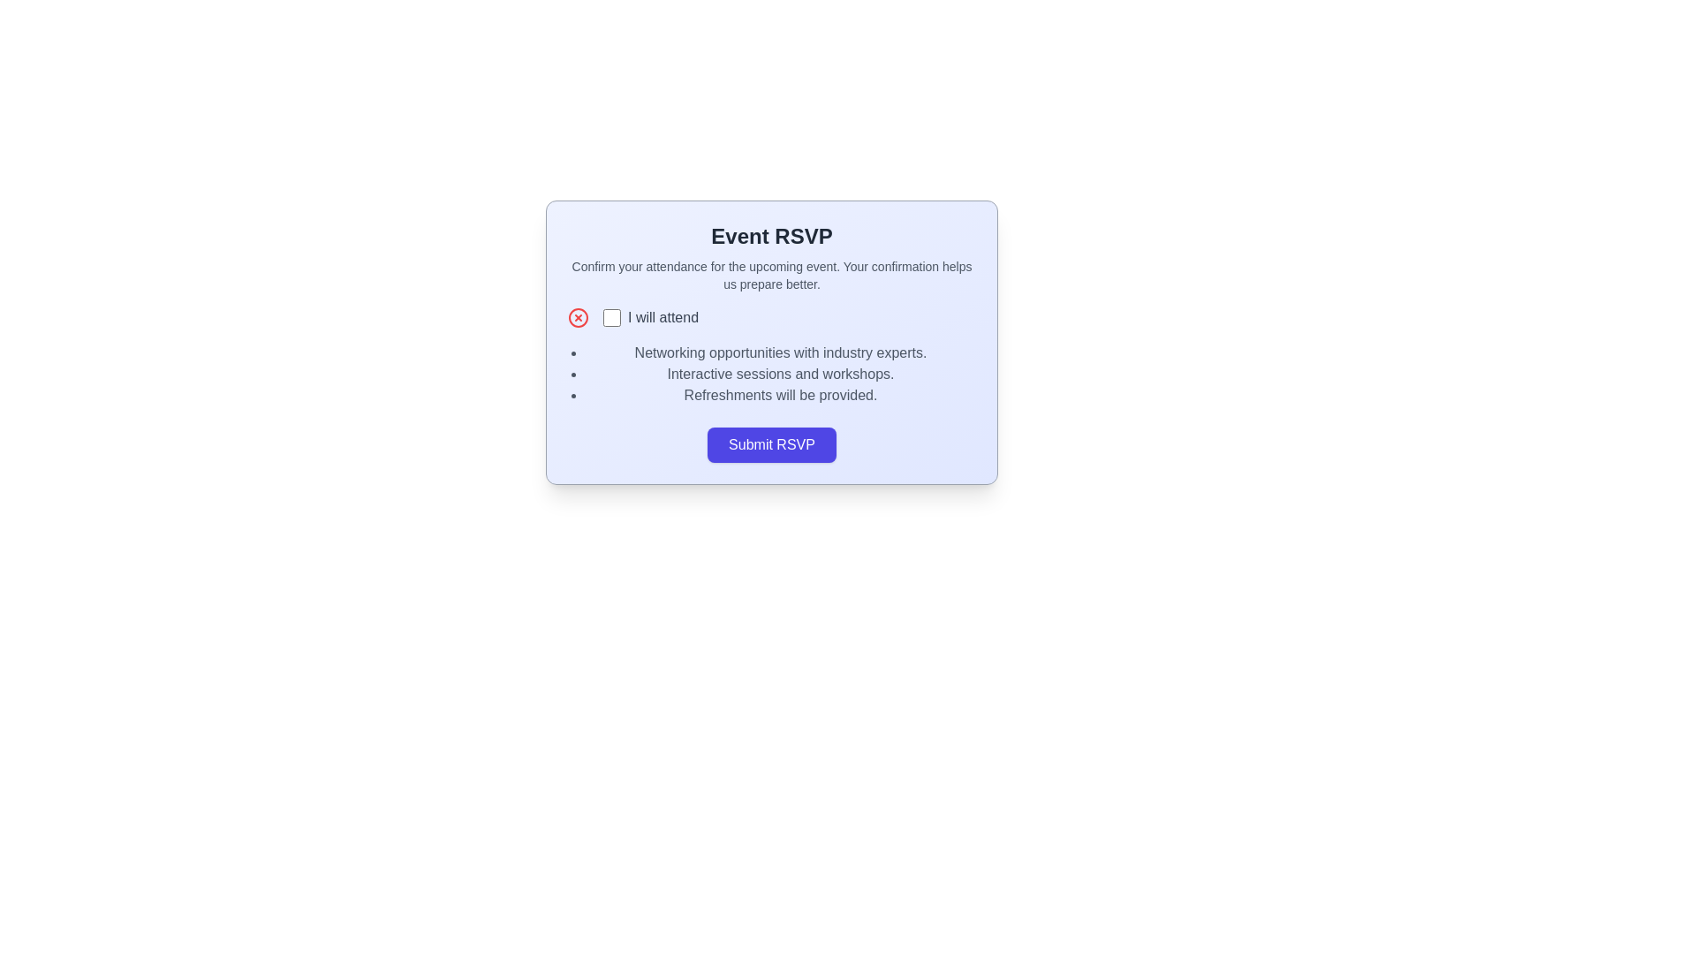 The image size is (1696, 954). Describe the element at coordinates (771, 276) in the screenshot. I see `the informative text label that provides context about confirming attendance for the event, located below the 'Event RSVP' title` at that location.